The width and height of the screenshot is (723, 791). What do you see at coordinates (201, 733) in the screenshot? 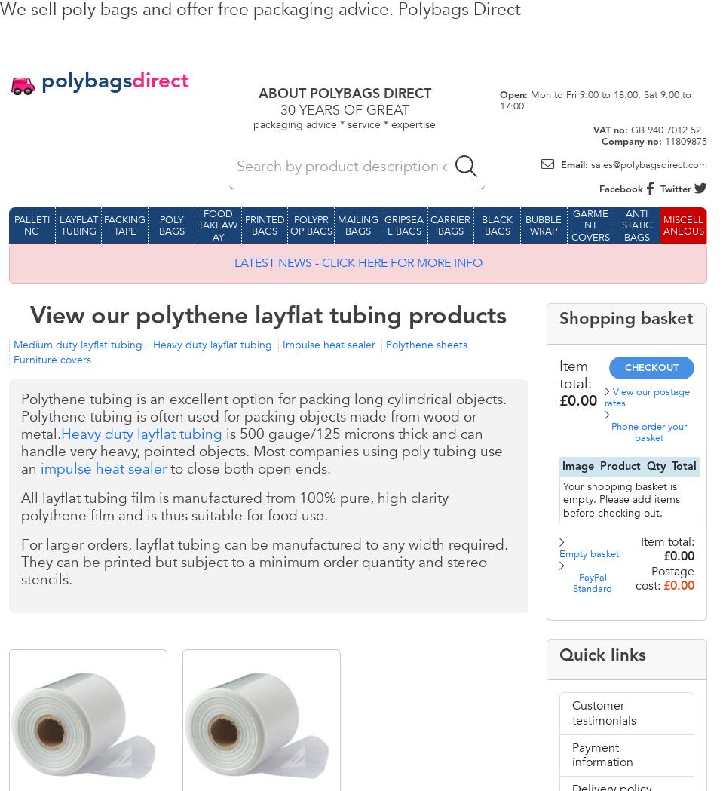
I see `'or call'` at bounding box center [201, 733].